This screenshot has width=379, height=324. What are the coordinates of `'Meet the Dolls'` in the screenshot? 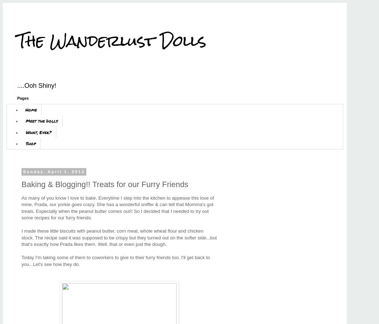 It's located at (42, 121).